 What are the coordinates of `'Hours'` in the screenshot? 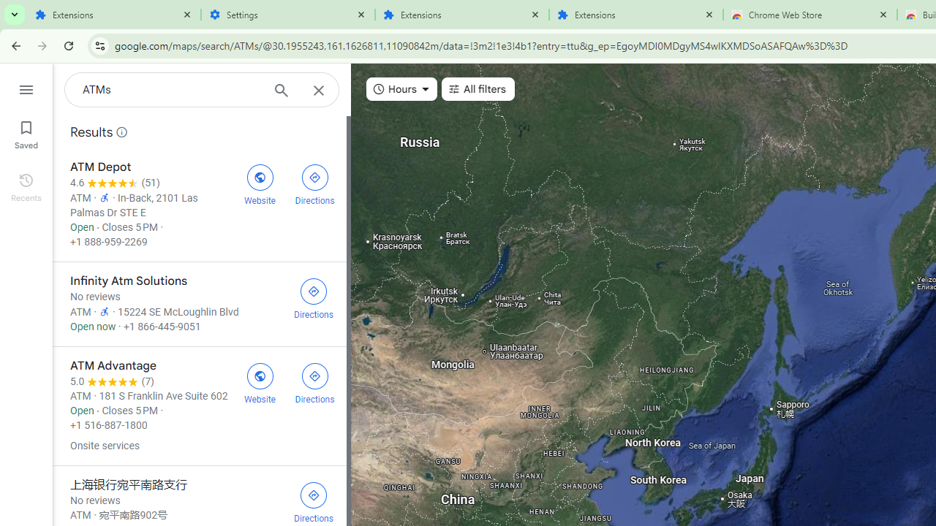 It's located at (401, 89).